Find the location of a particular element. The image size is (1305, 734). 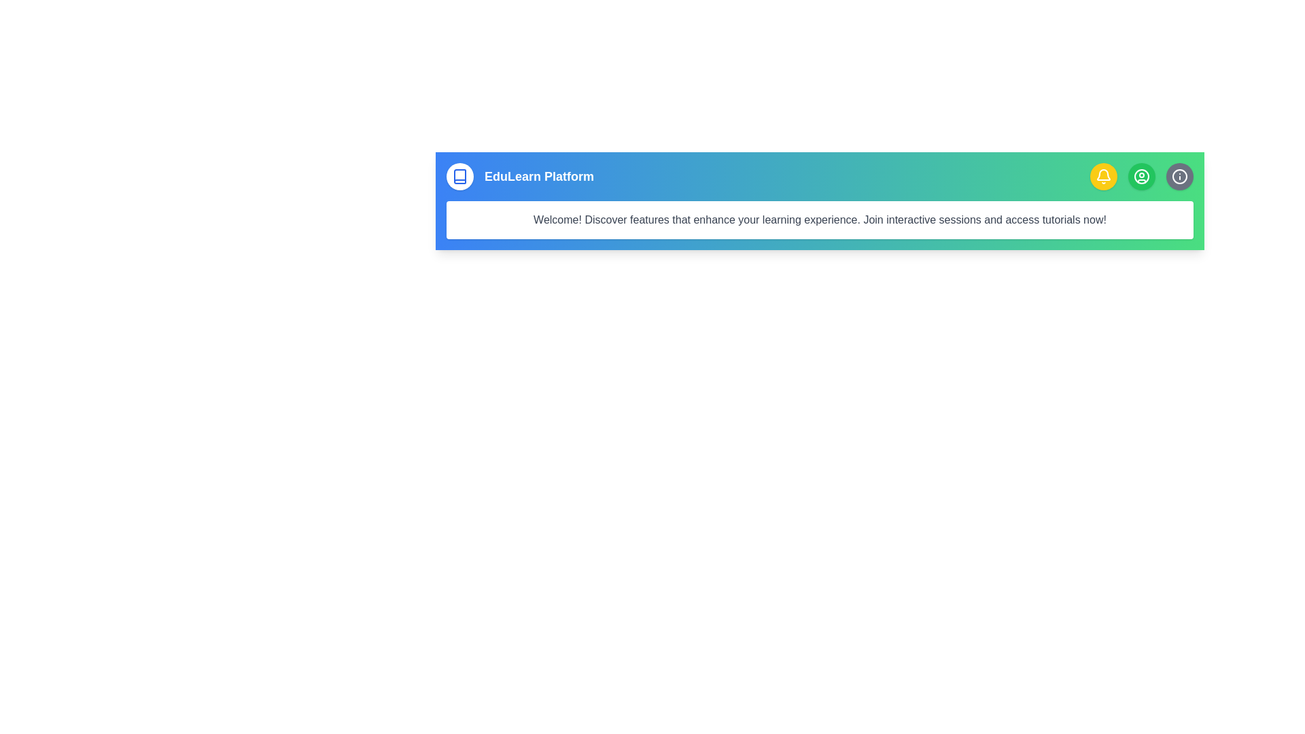

info icon button to toggle the dropdown information panel is located at coordinates (1179, 175).